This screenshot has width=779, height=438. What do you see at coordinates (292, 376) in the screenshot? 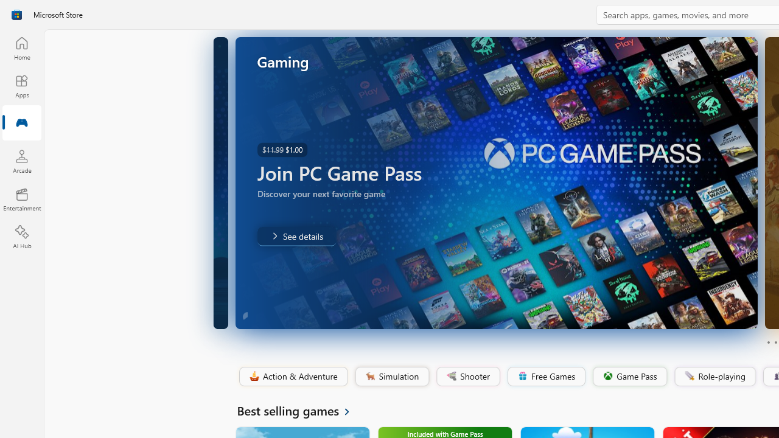
I see `'Action & Adventure'` at bounding box center [292, 376].